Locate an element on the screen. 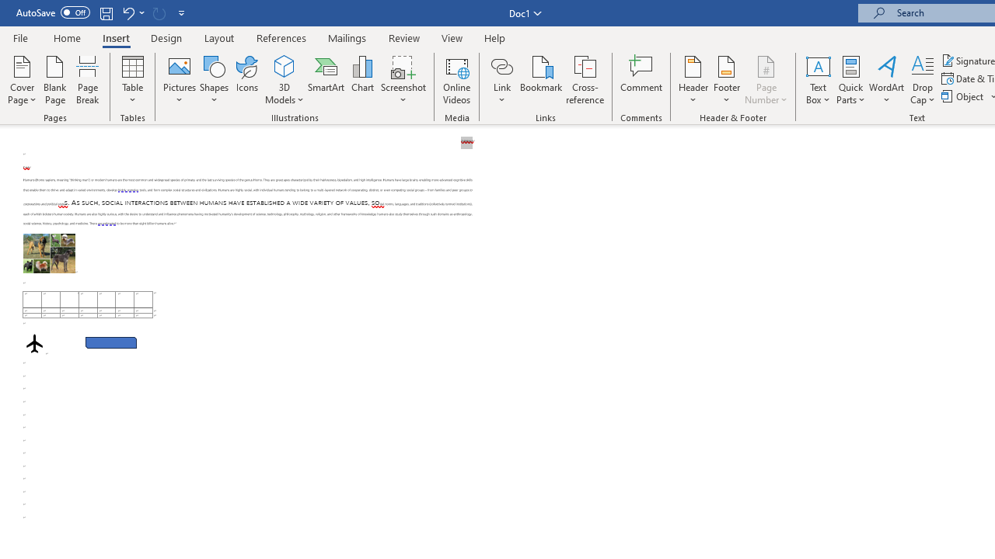  'References' is located at coordinates (281, 37).